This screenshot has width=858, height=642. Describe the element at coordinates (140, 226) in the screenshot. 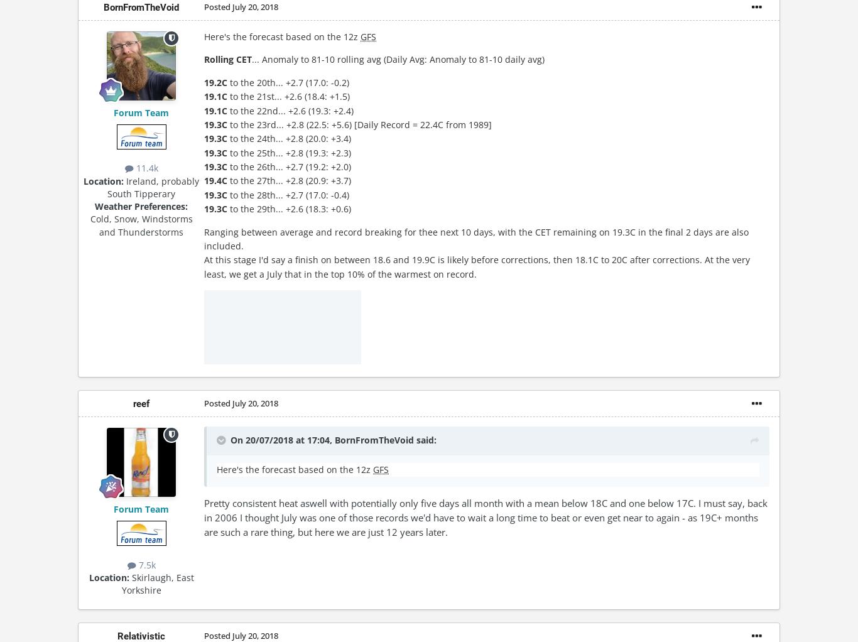

I see `'Cold, Snow, Windstorms and Thunderstorms'` at that location.